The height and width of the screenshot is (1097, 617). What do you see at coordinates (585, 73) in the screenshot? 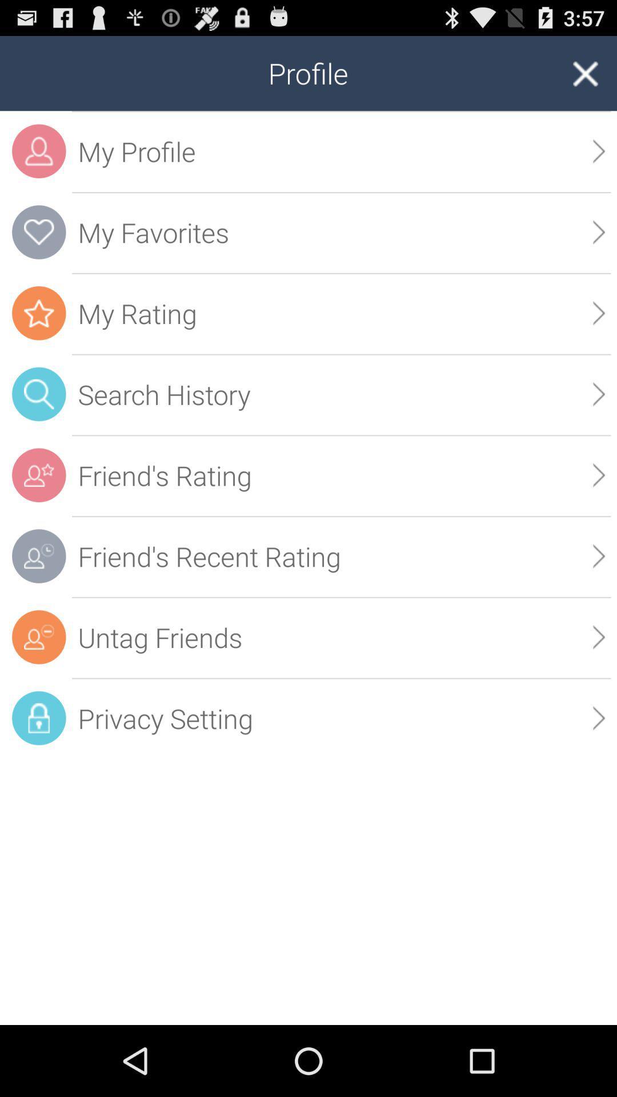
I see `the item above the my profile app` at bounding box center [585, 73].